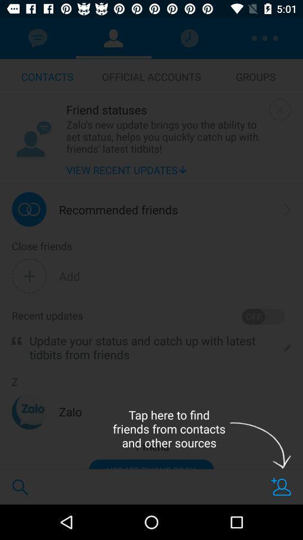 The height and width of the screenshot is (540, 303). Describe the element at coordinates (164, 109) in the screenshot. I see `friend statuses icon` at that location.